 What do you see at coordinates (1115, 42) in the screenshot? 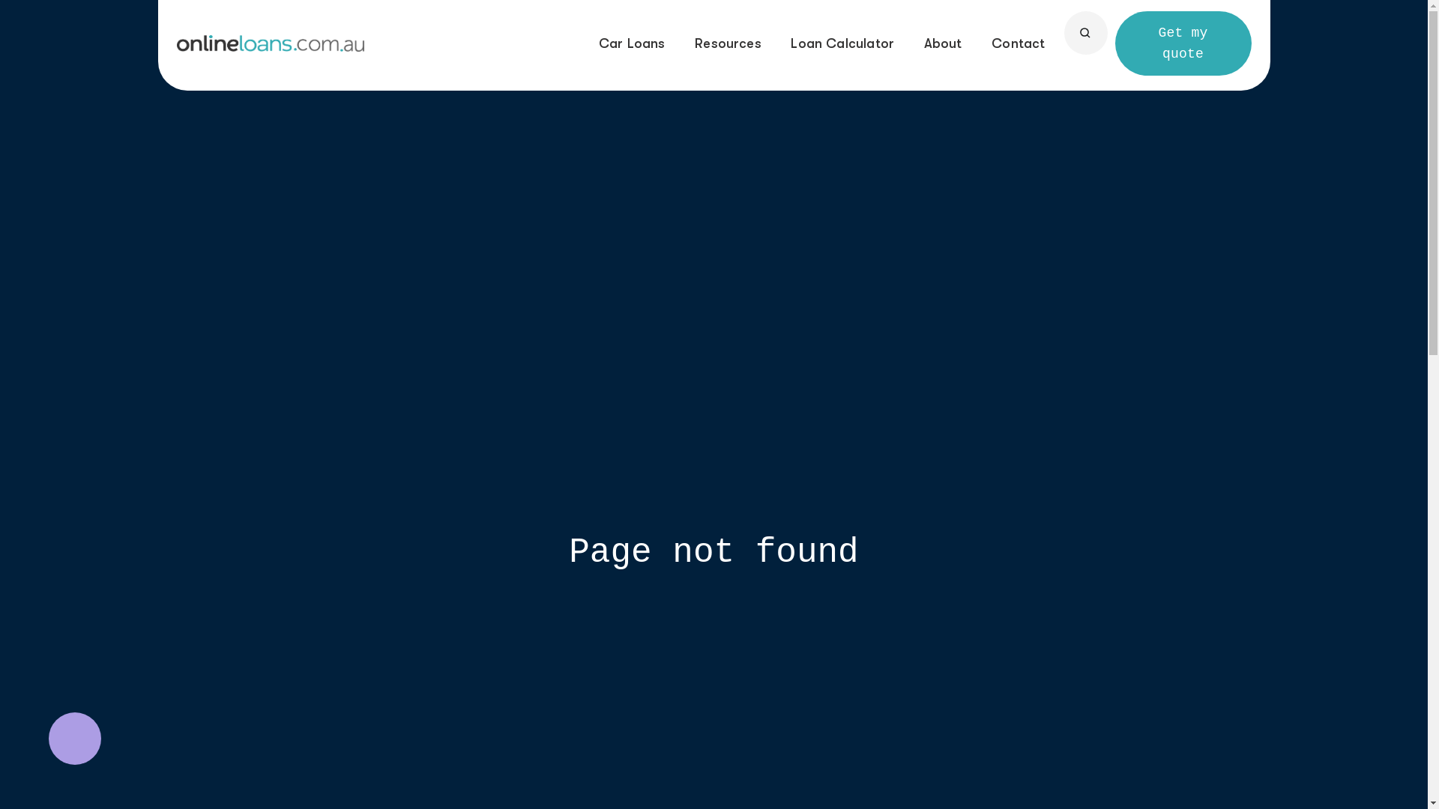
I see `'Get my quote'` at bounding box center [1115, 42].